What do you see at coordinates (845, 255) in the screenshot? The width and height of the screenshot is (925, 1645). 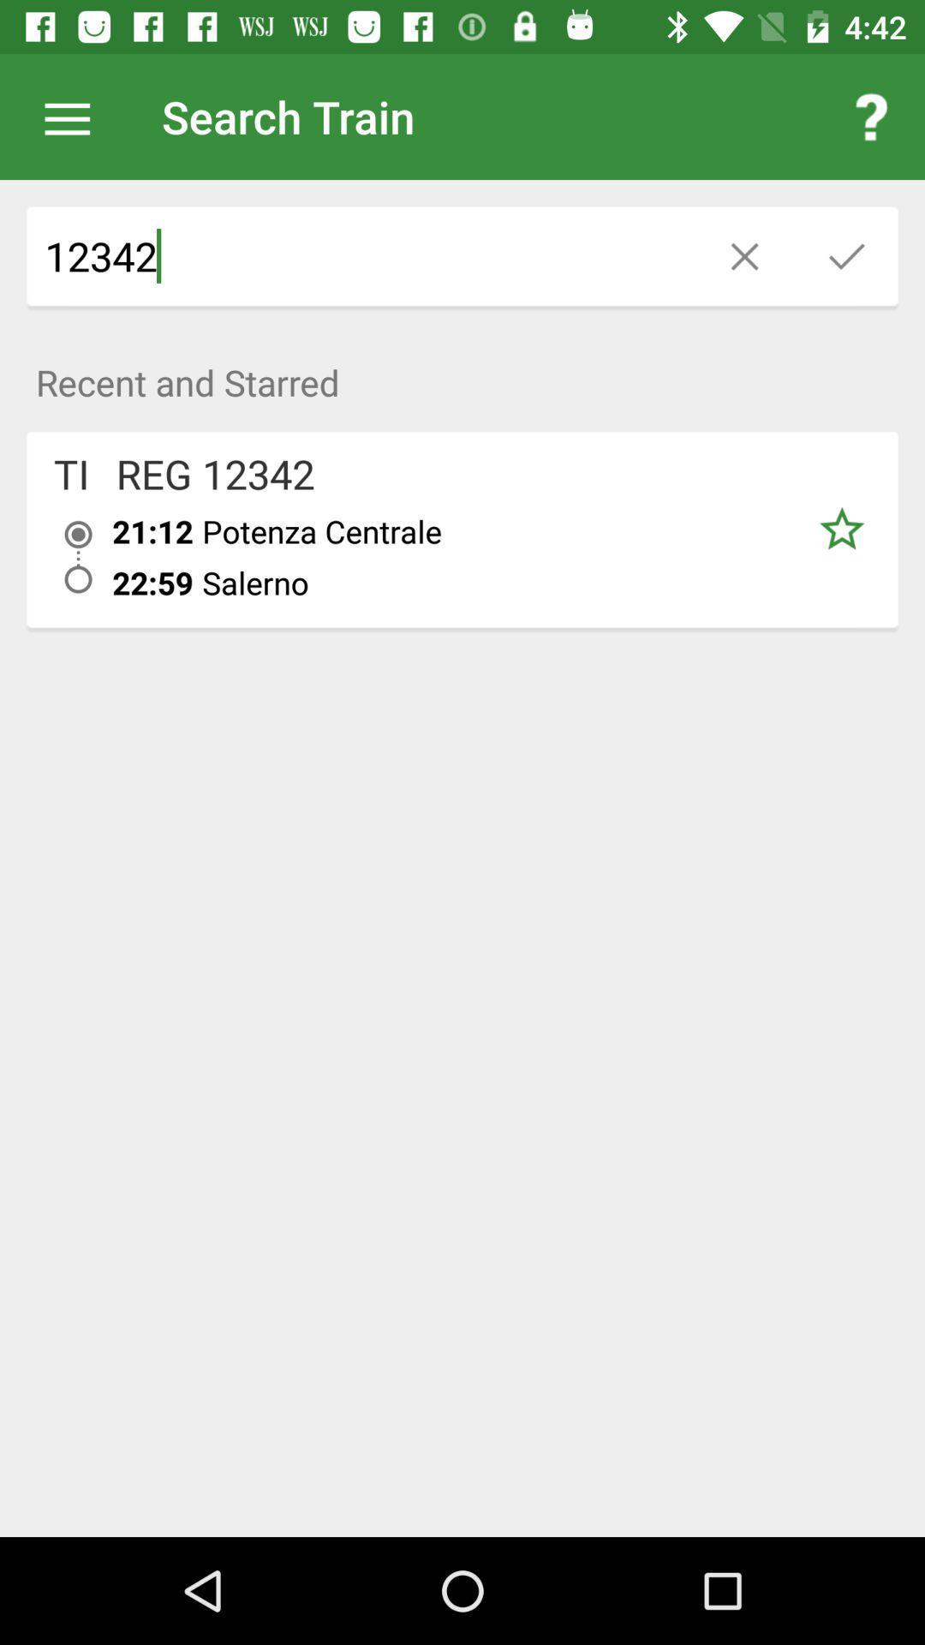 I see `the tick button at the top right side of the page` at bounding box center [845, 255].